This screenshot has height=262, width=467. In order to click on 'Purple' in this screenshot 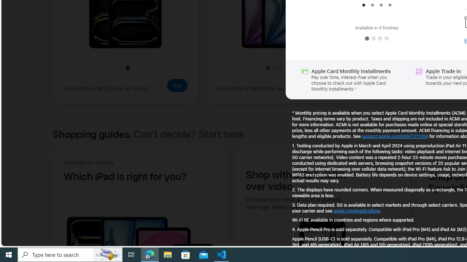, I will do `click(379, 39)`.